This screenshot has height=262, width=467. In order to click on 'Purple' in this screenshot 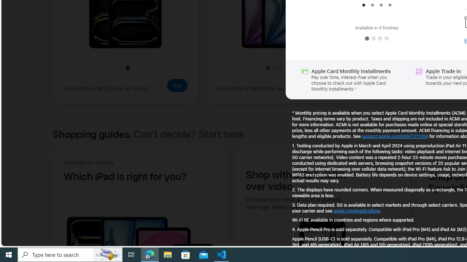, I will do `click(379, 39)`.